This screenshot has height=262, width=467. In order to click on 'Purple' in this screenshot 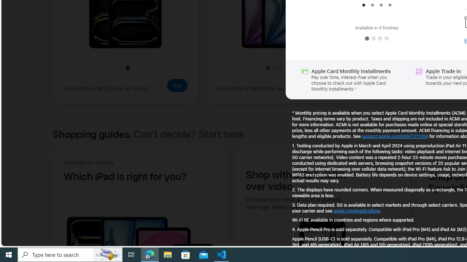, I will do `click(379, 39)`.